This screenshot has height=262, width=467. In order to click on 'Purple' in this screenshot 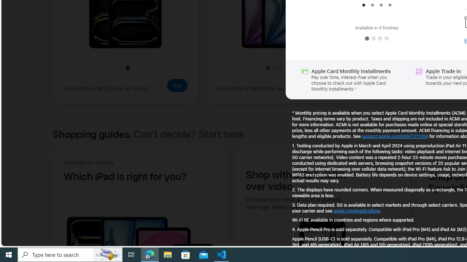, I will do `click(379, 39)`.